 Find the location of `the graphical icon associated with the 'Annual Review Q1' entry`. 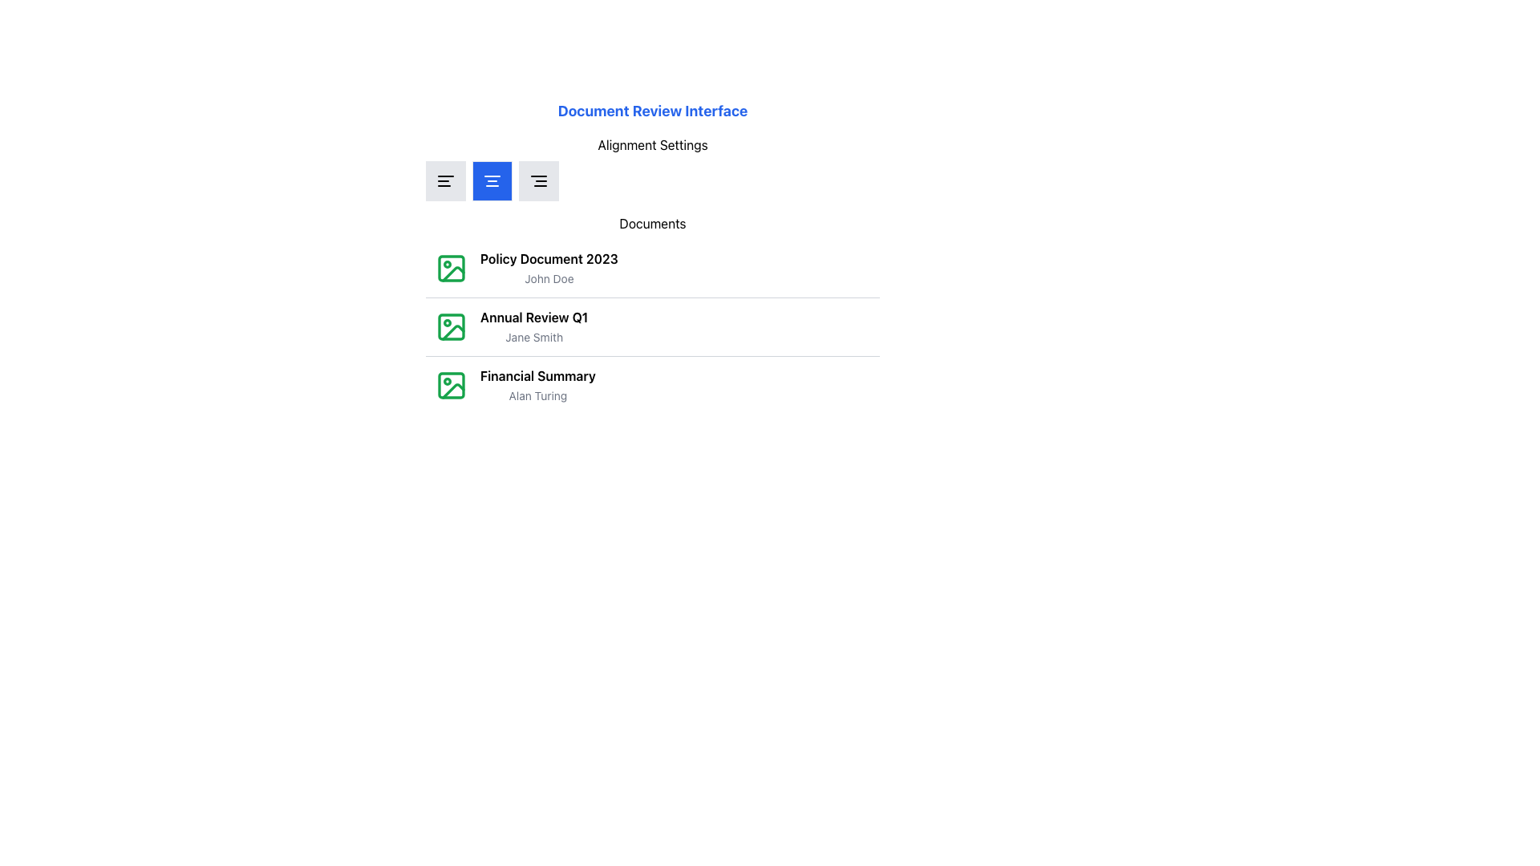

the graphical icon associated with the 'Annual Review Q1' entry is located at coordinates (450, 326).